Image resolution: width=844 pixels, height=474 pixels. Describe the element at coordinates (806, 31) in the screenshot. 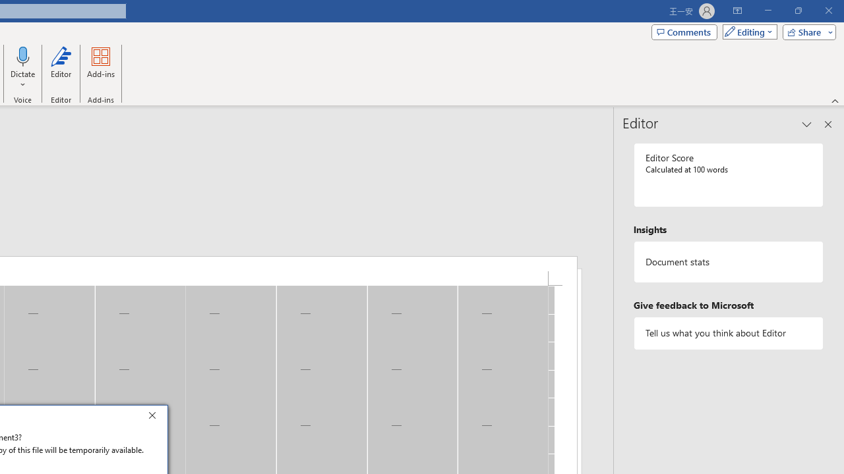

I see `'Share'` at that location.